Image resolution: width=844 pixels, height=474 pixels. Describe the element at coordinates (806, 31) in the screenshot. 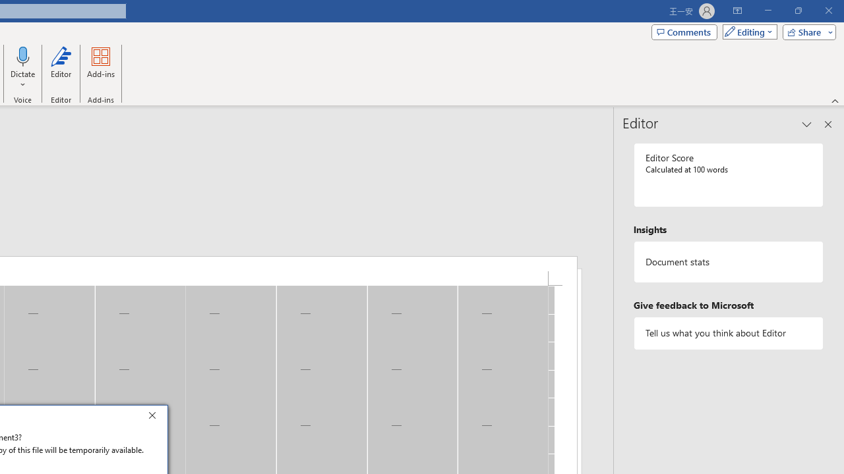

I see `'Share'` at that location.